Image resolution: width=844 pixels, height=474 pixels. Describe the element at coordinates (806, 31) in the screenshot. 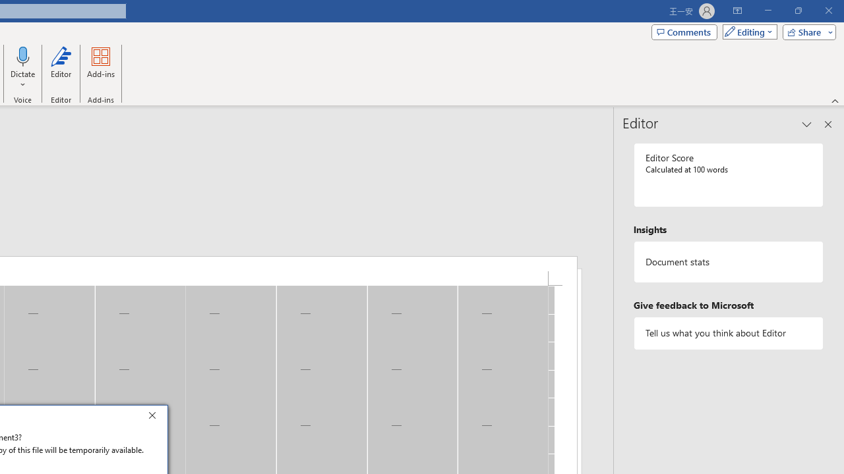

I see `'Share'` at that location.